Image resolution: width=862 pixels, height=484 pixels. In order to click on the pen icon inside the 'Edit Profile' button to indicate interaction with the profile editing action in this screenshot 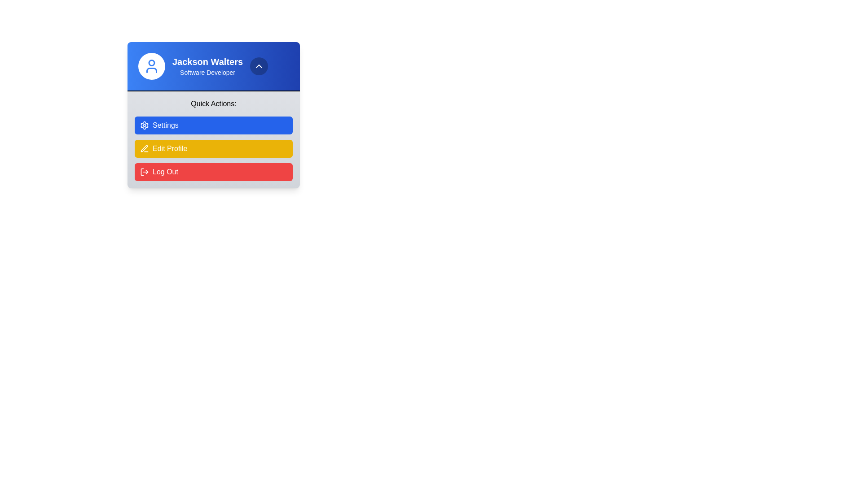, I will do `click(144, 148)`.